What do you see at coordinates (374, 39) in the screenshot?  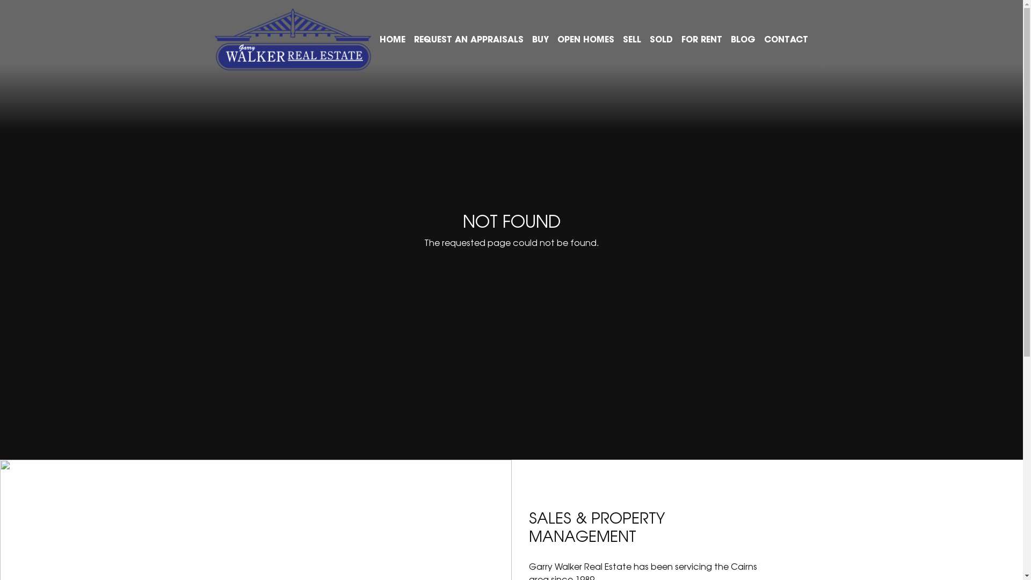 I see `'HOME'` at bounding box center [374, 39].